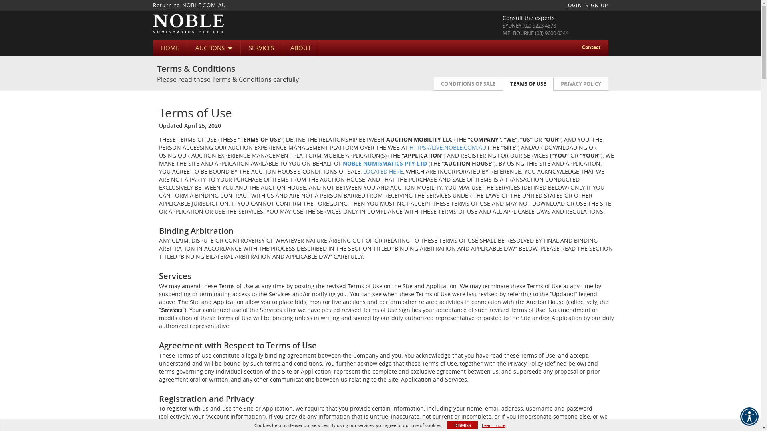 This screenshot has height=431, width=767. What do you see at coordinates (213, 47) in the screenshot?
I see `'AUCTIONS'` at bounding box center [213, 47].